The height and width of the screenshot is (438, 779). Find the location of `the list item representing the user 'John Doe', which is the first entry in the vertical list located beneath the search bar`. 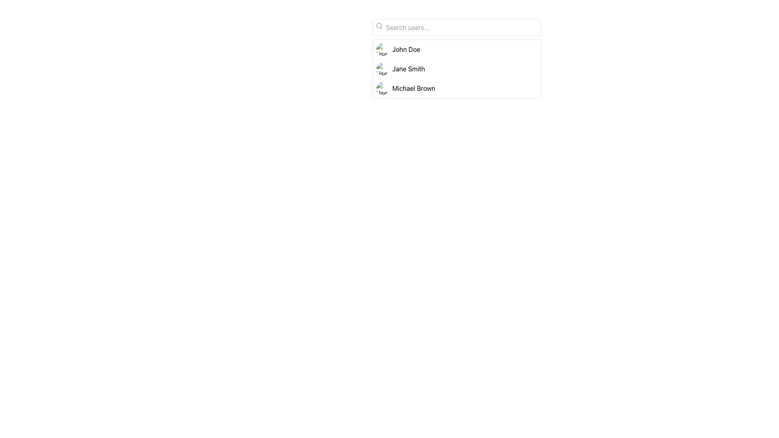

the list item representing the user 'John Doe', which is the first entry in the vertical list located beneath the search bar is located at coordinates (457, 49).